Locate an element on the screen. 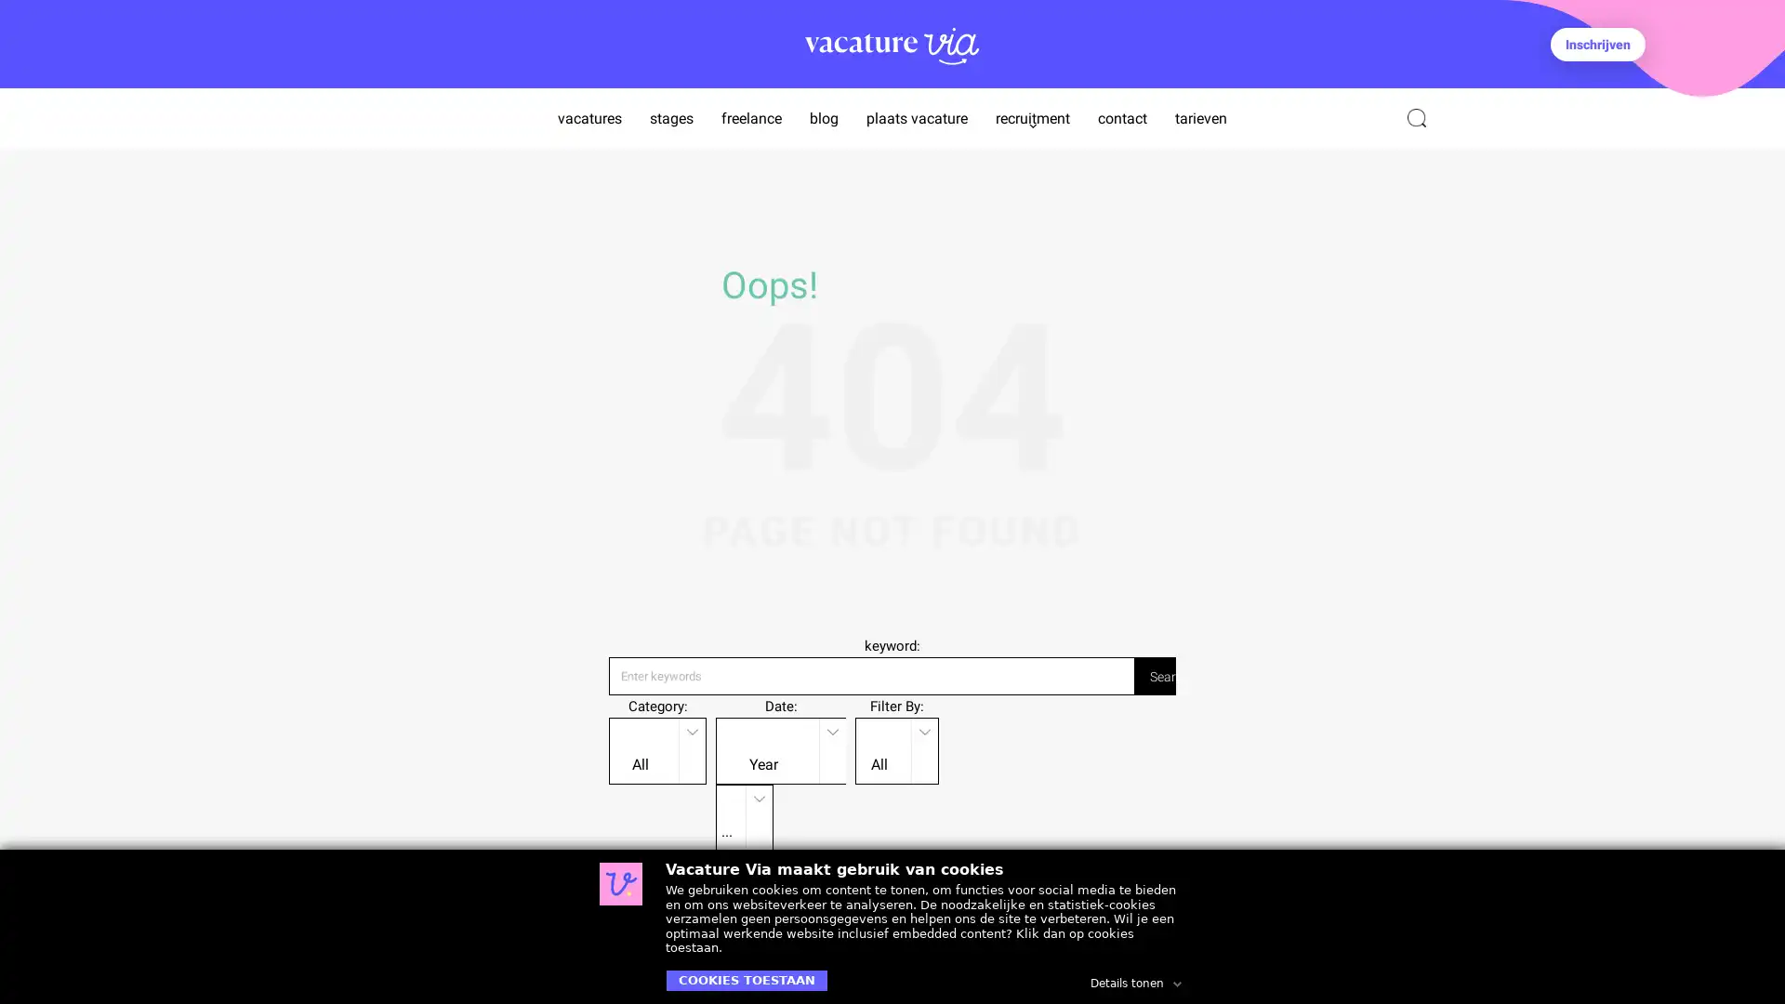  ... ... is located at coordinates (744, 816).